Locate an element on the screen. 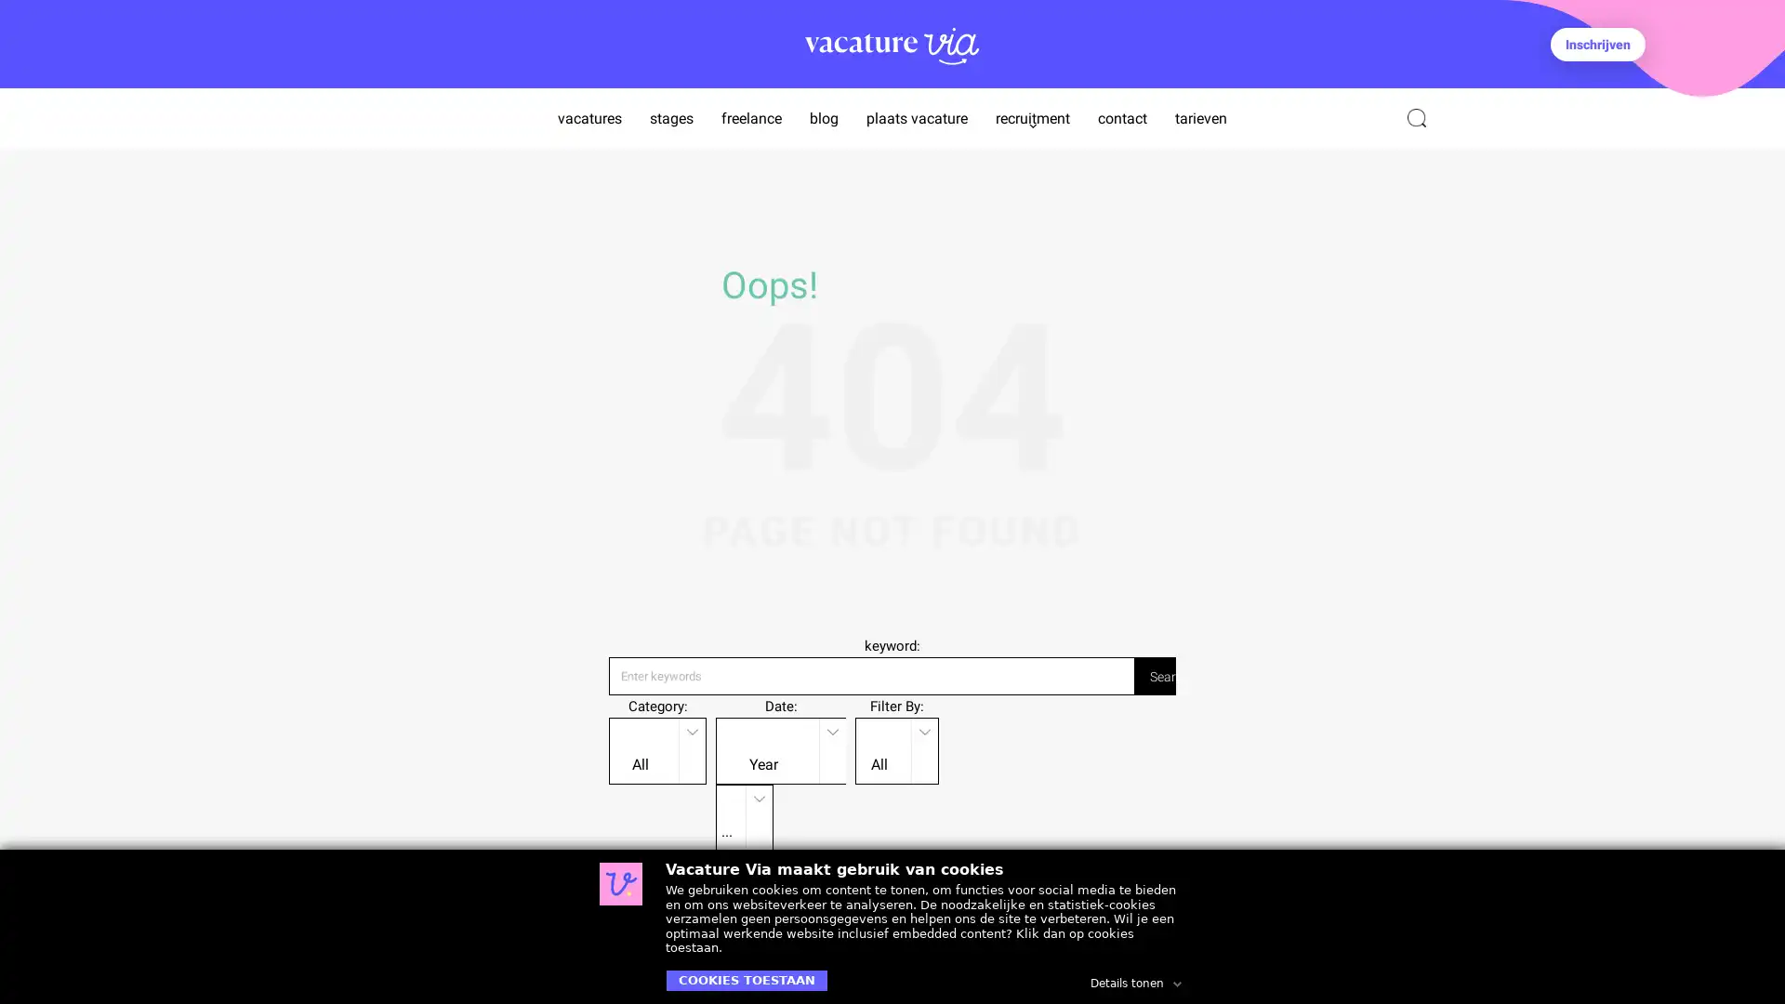  ... ... is located at coordinates (744, 816).